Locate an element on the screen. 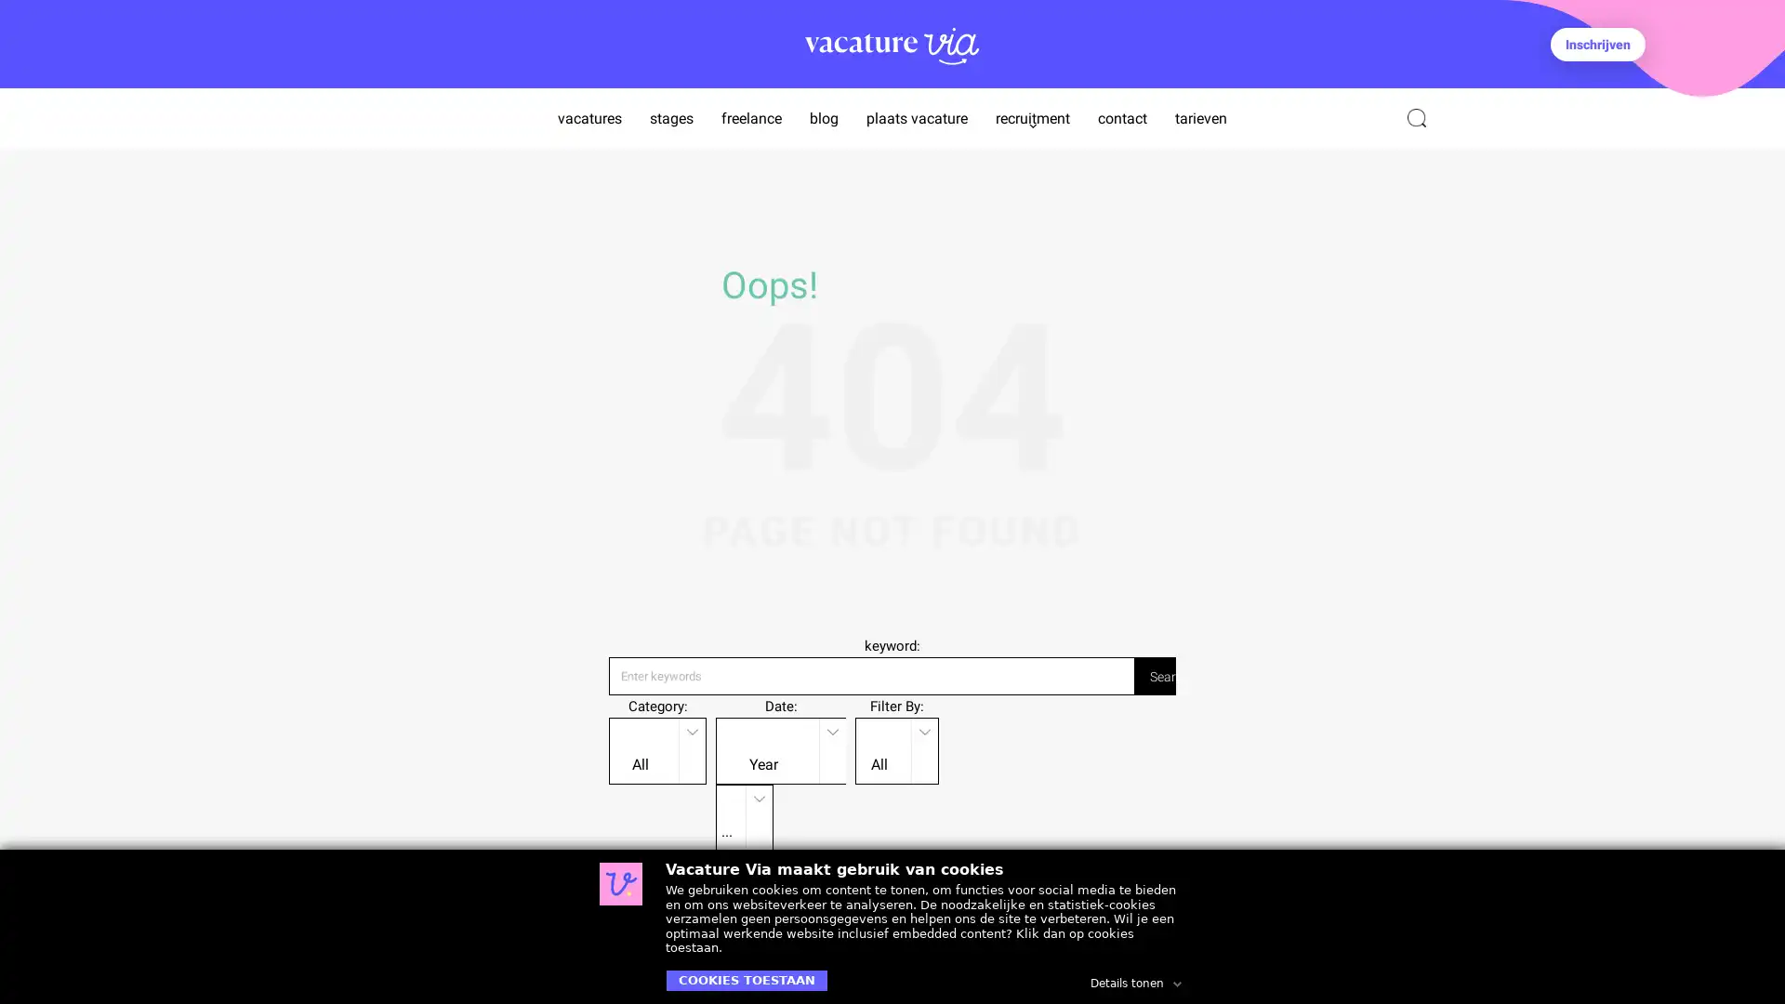  ... ... is located at coordinates (744, 816).